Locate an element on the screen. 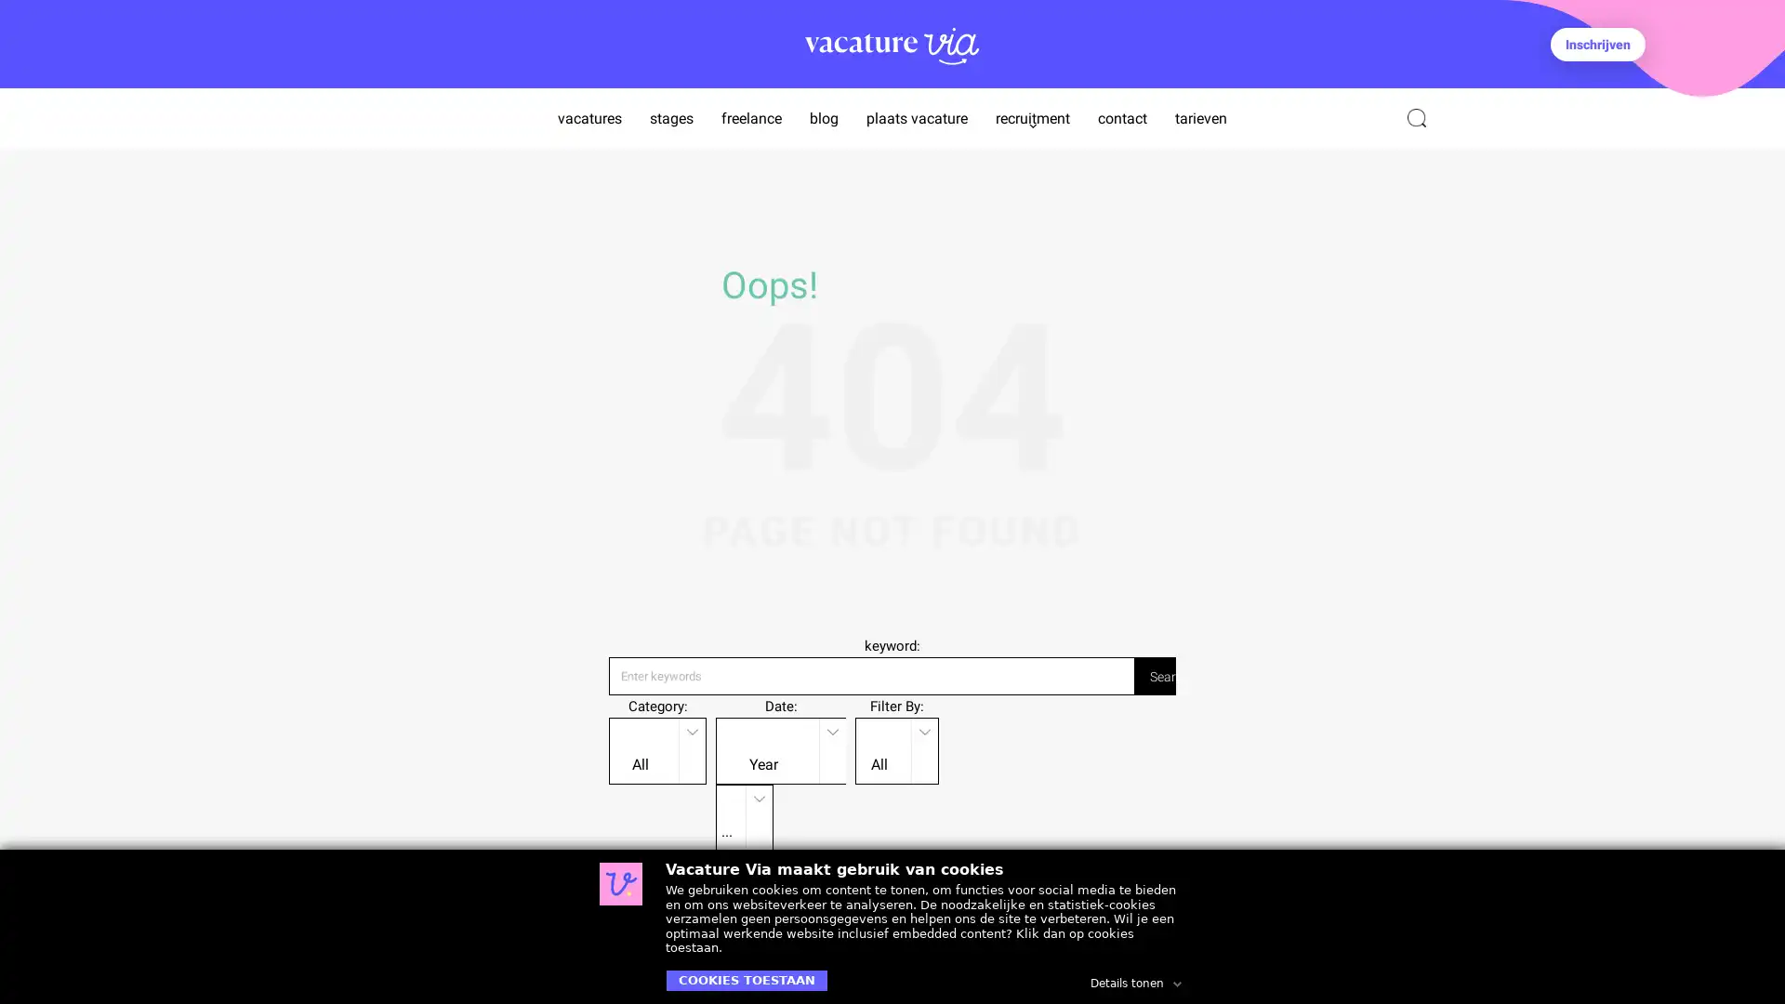  ... ... is located at coordinates (744, 816).